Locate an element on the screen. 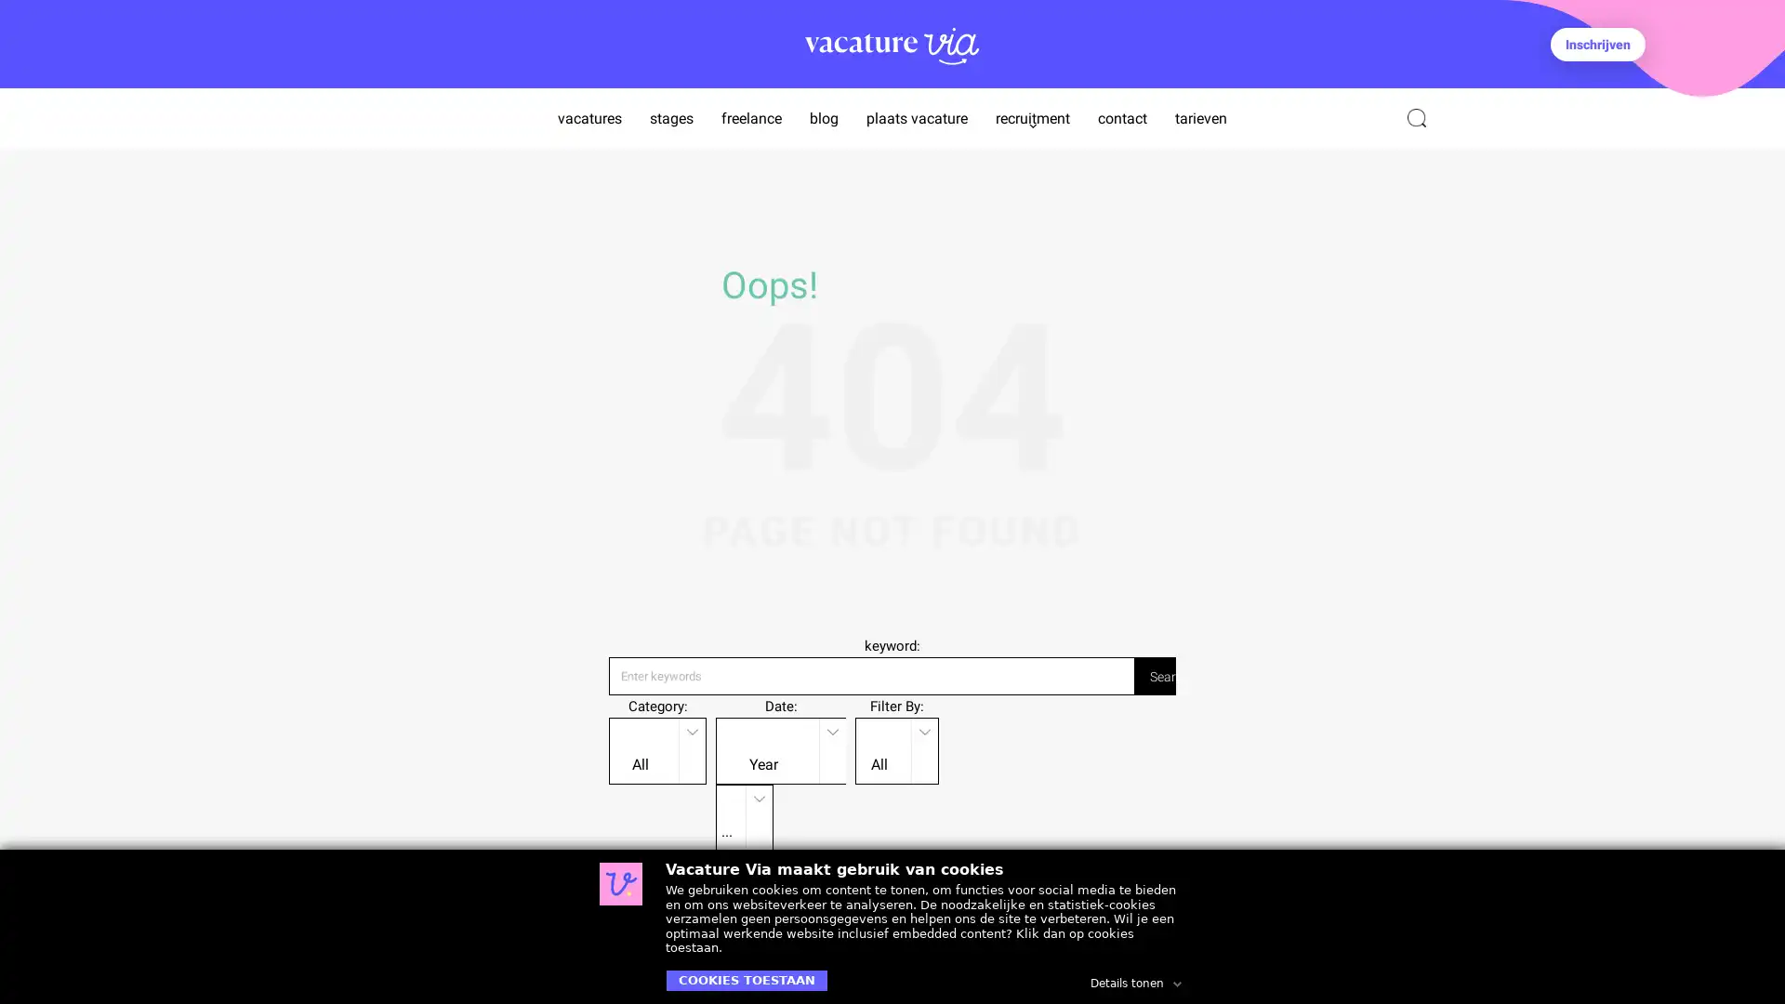  ... ... is located at coordinates (744, 816).